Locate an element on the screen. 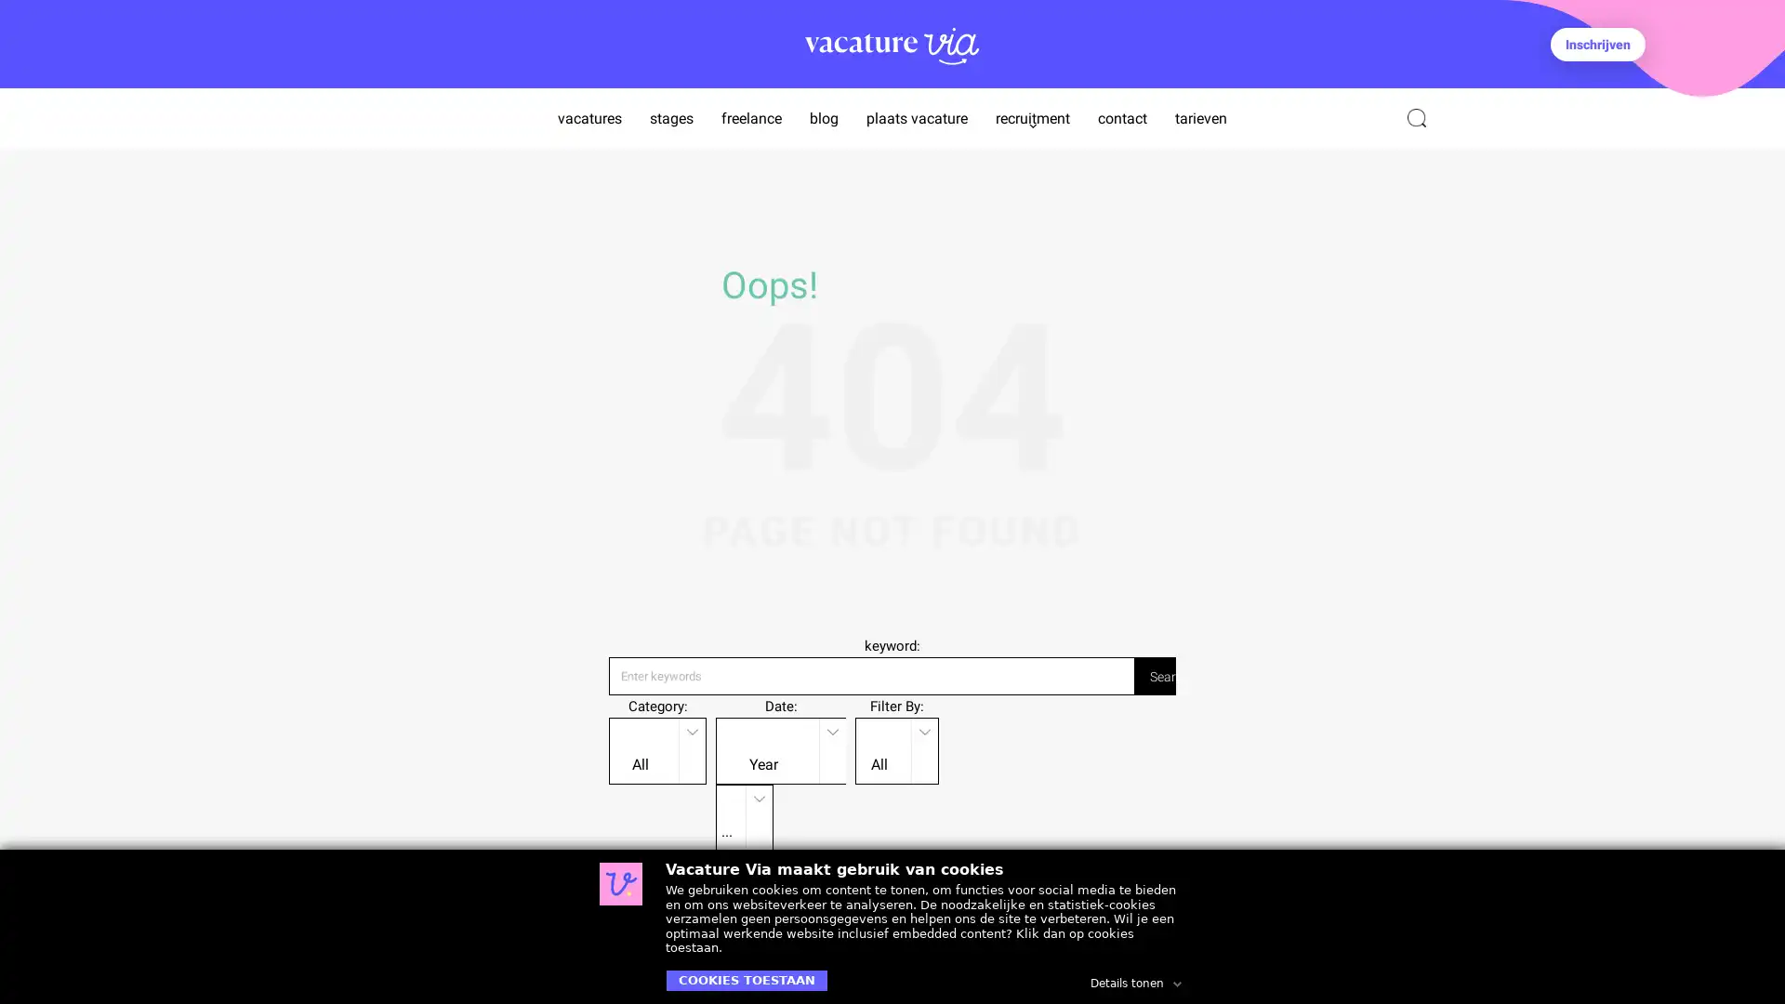  ... ... is located at coordinates (744, 816).